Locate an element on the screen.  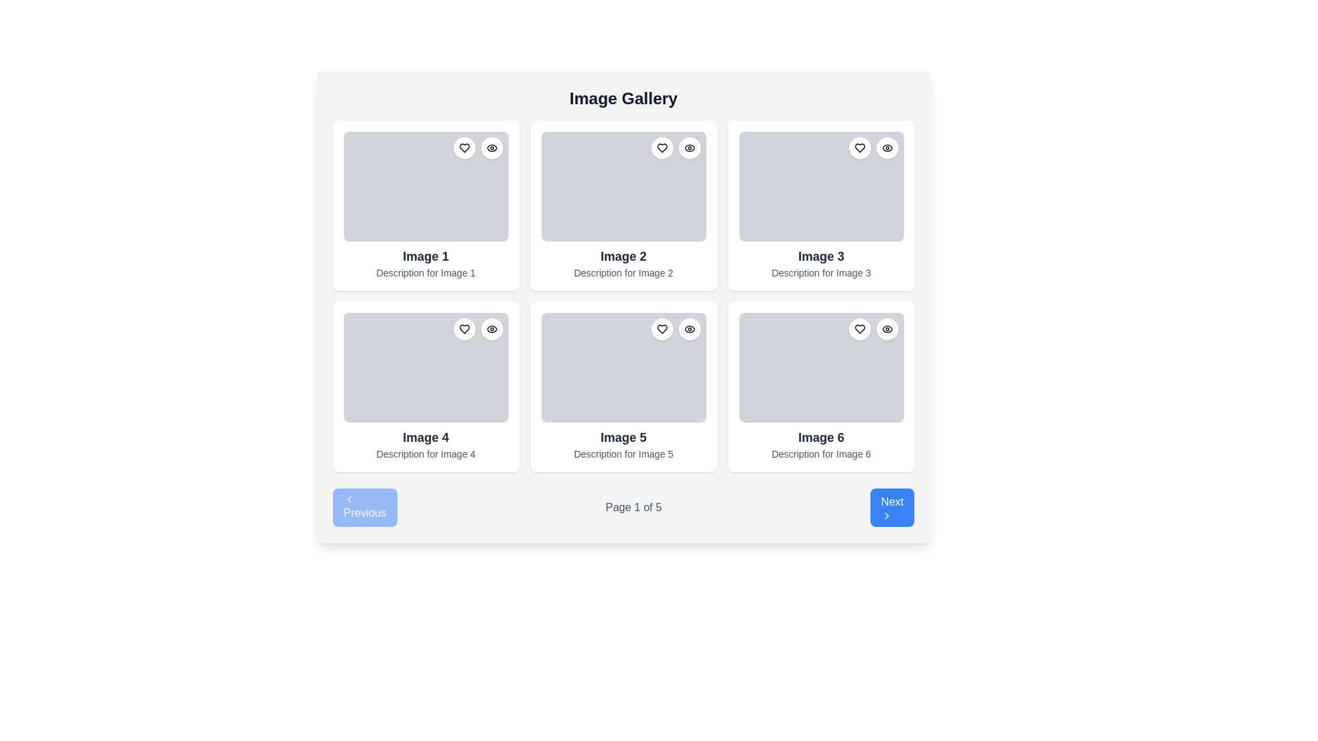
the heart-shaped icon located in the top-right corner of 'Image 6' is located at coordinates (859, 329).